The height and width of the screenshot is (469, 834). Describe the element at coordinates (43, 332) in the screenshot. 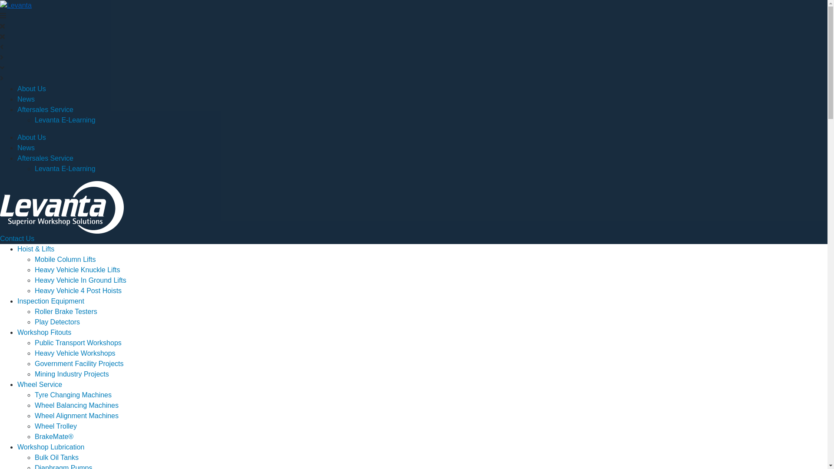

I see `'Workshop Fitouts'` at that location.